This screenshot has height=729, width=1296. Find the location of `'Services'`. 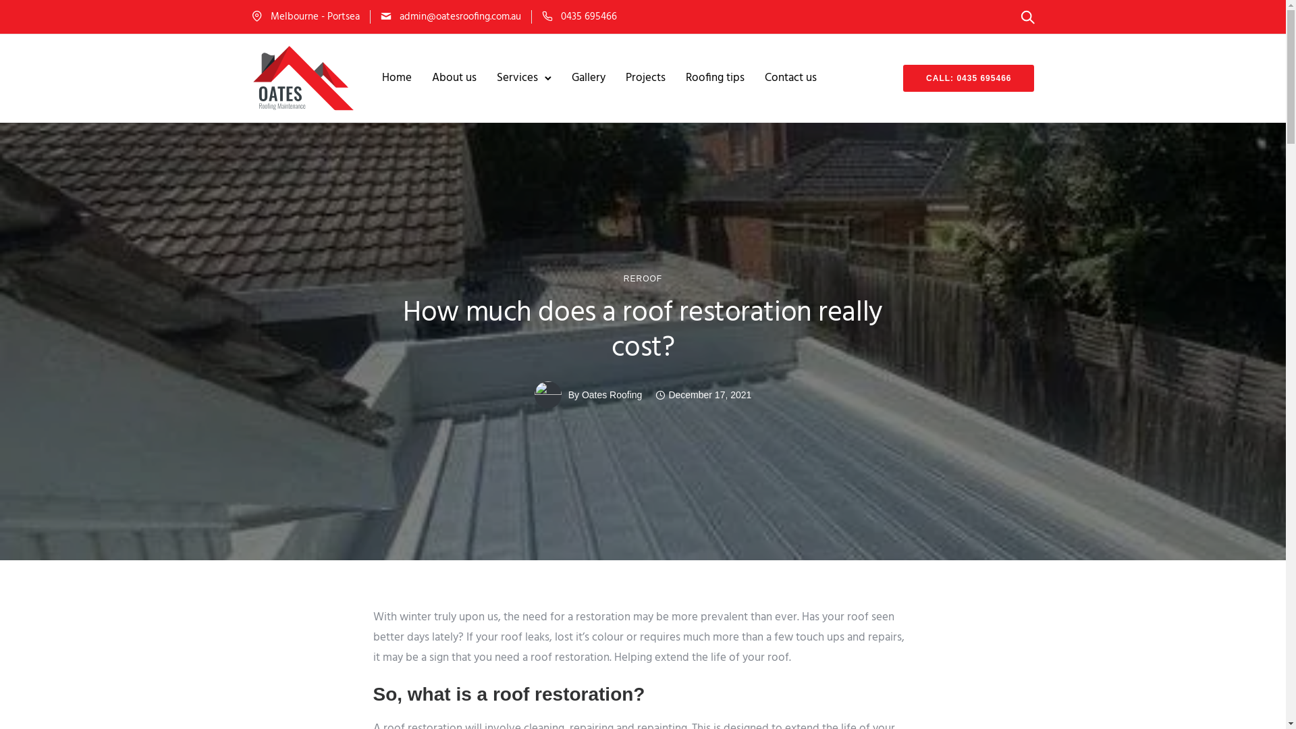

'Services' is located at coordinates (516, 78).